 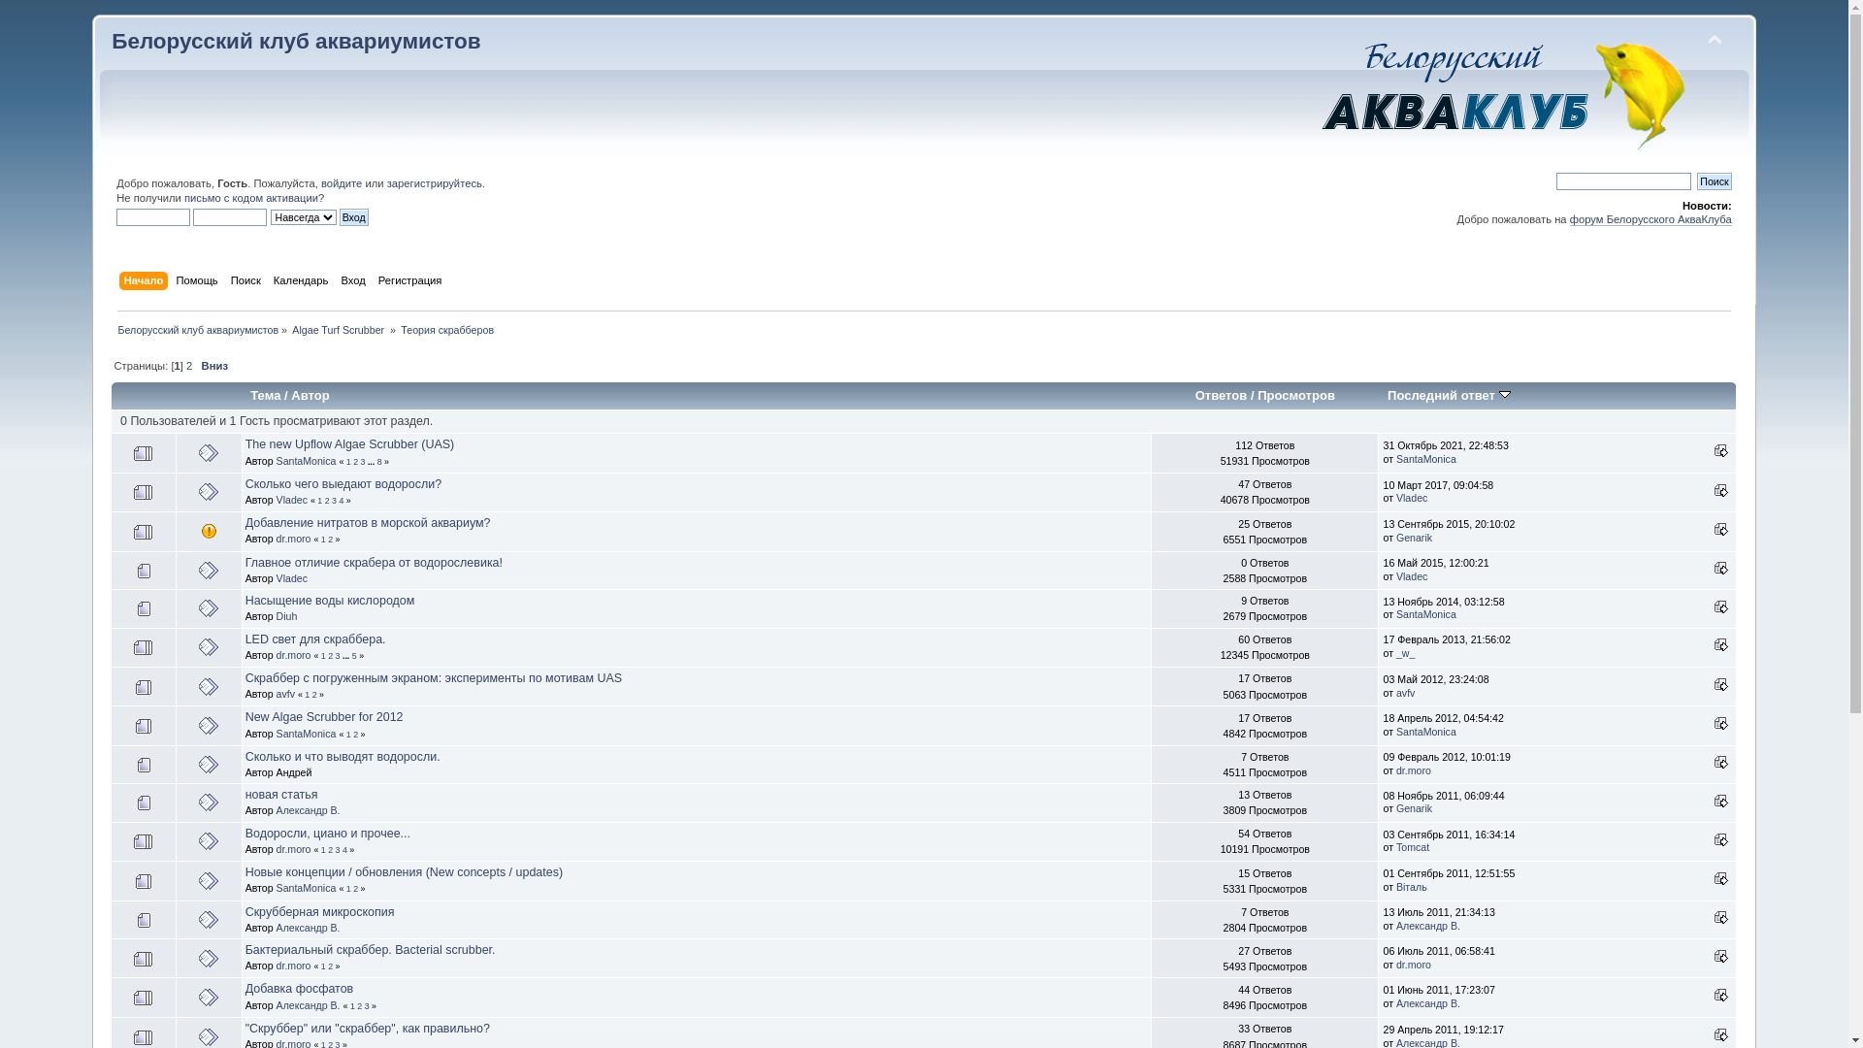 I want to click on 'Simple Machines Forum', so click(x=1502, y=92).